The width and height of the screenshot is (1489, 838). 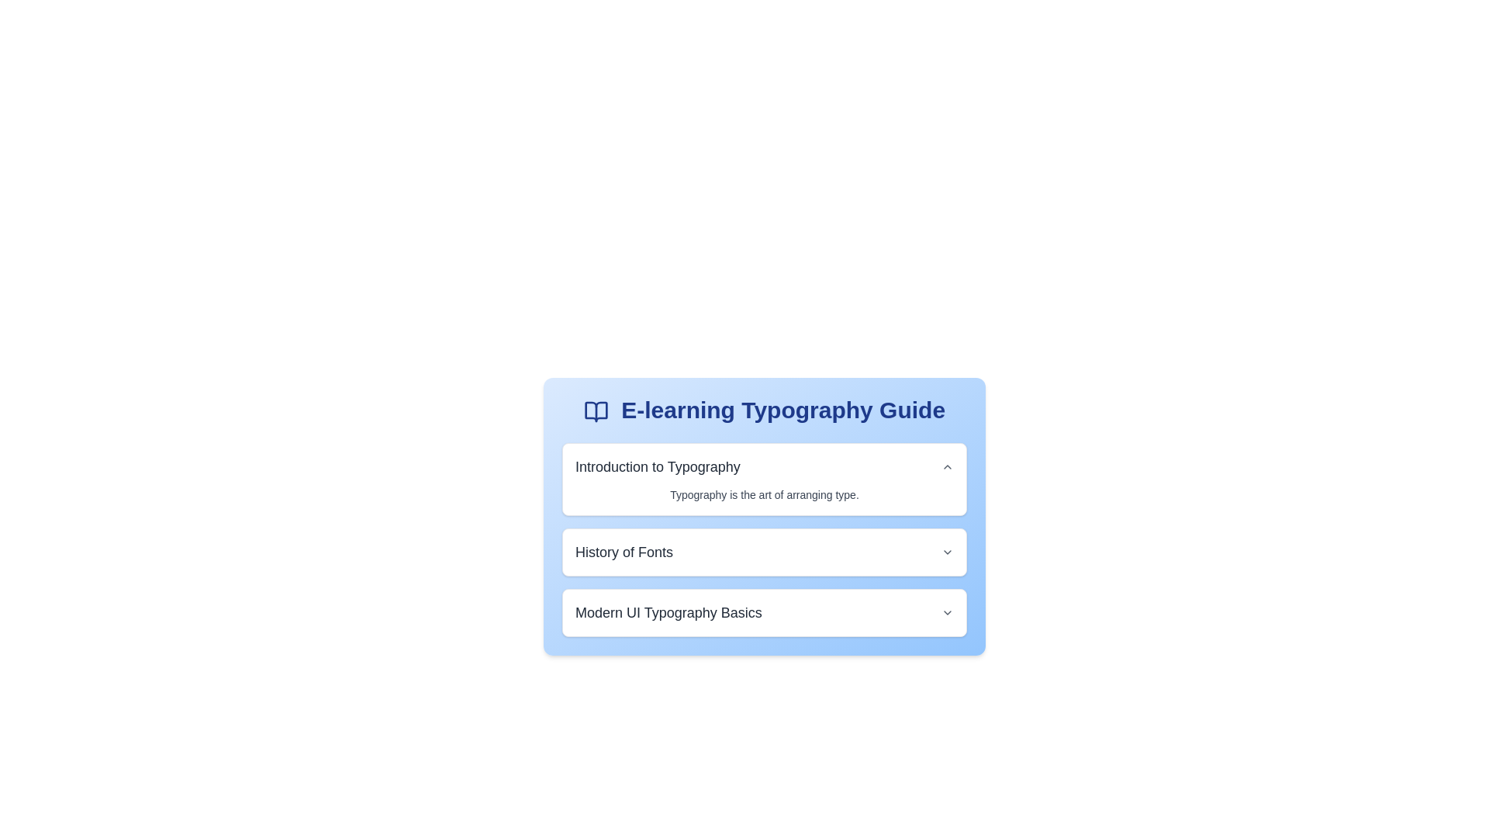 I want to click on the dropdown button next to the title 'Introduction to Typography', so click(x=764, y=466).